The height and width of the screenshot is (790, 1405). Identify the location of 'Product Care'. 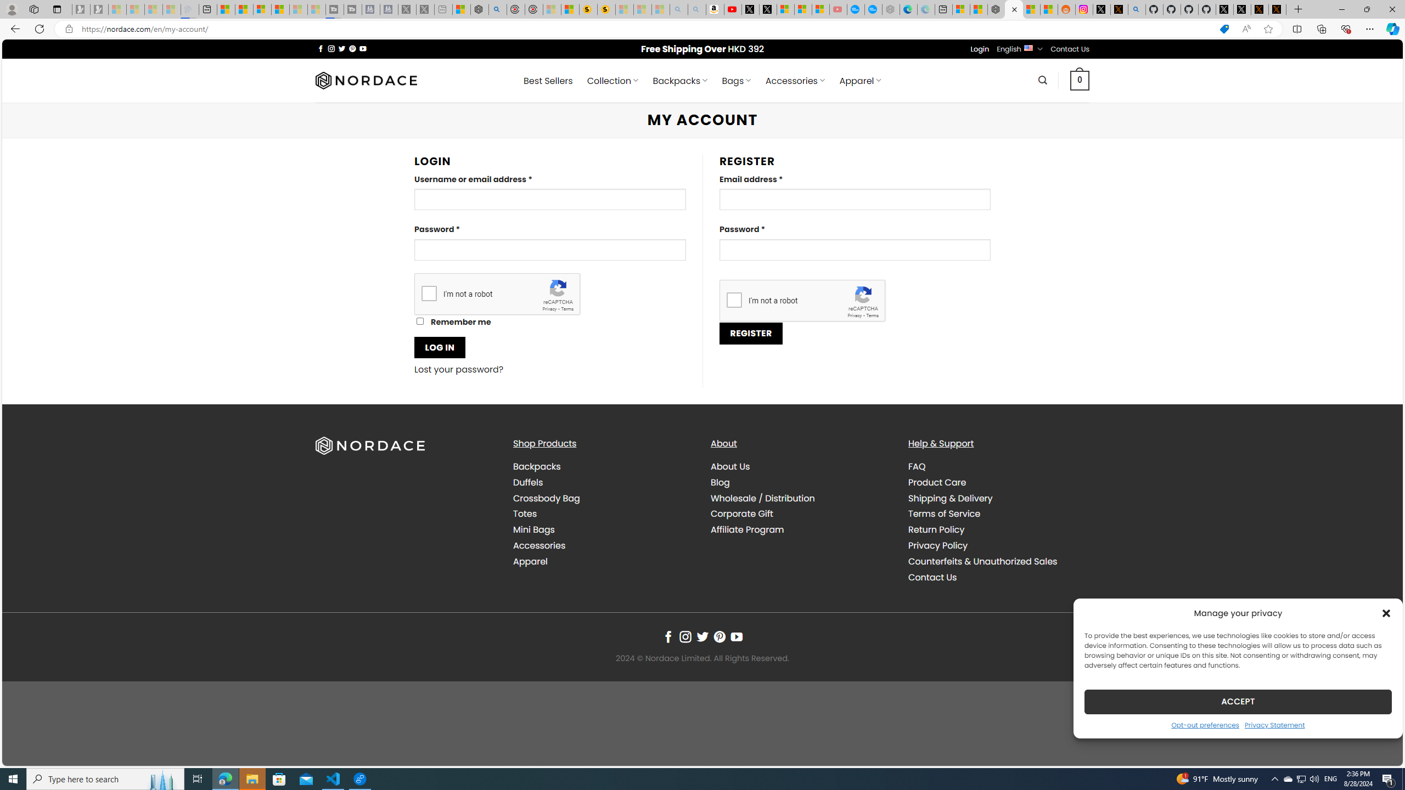
(998, 482).